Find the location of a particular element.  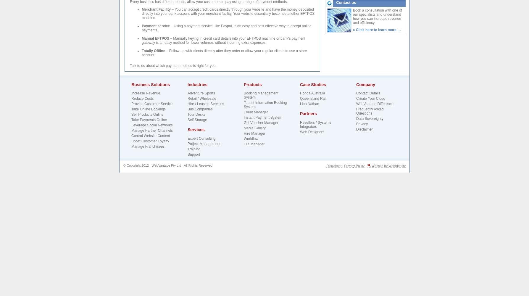

'Manage Franchisees' is located at coordinates (148, 146).